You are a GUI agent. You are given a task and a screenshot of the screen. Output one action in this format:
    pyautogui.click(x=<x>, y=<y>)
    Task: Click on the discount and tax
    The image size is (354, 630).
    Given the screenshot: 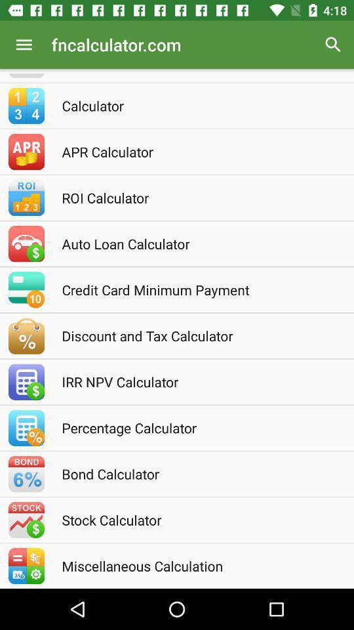 What is the action you would take?
    pyautogui.click(x=194, y=335)
    